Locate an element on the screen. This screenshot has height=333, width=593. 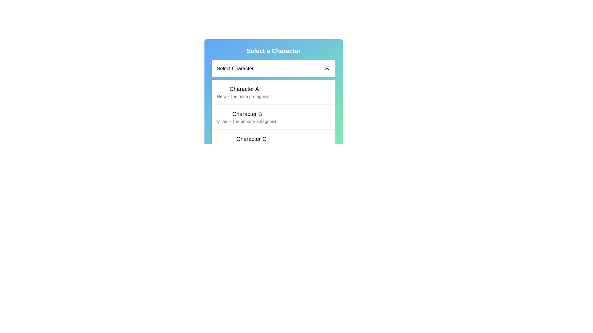
to select the option 'Character C' in the dropdown menu under 'Select a Character' is located at coordinates (273, 142).